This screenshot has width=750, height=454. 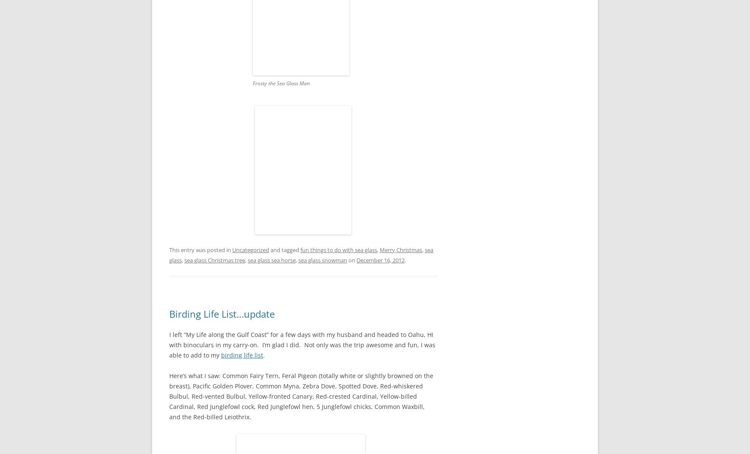 What do you see at coordinates (242, 355) in the screenshot?
I see `'birding life list'` at bounding box center [242, 355].